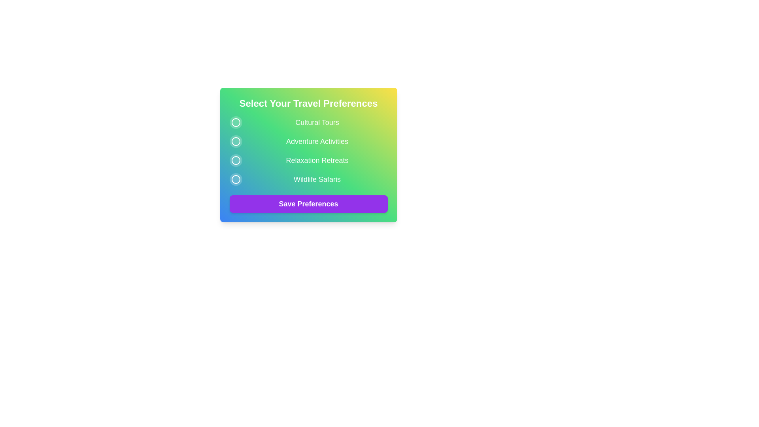 This screenshot has width=759, height=427. What do you see at coordinates (235, 179) in the screenshot?
I see `the button corresponding to the preference Wildlife Safaris` at bounding box center [235, 179].